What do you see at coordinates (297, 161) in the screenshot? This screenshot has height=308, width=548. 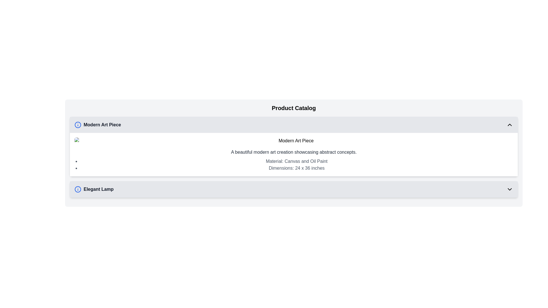 I see `the static informational text that describes the material composition of the 'Modern Art Piece', which is located above the dimensions text block` at bounding box center [297, 161].